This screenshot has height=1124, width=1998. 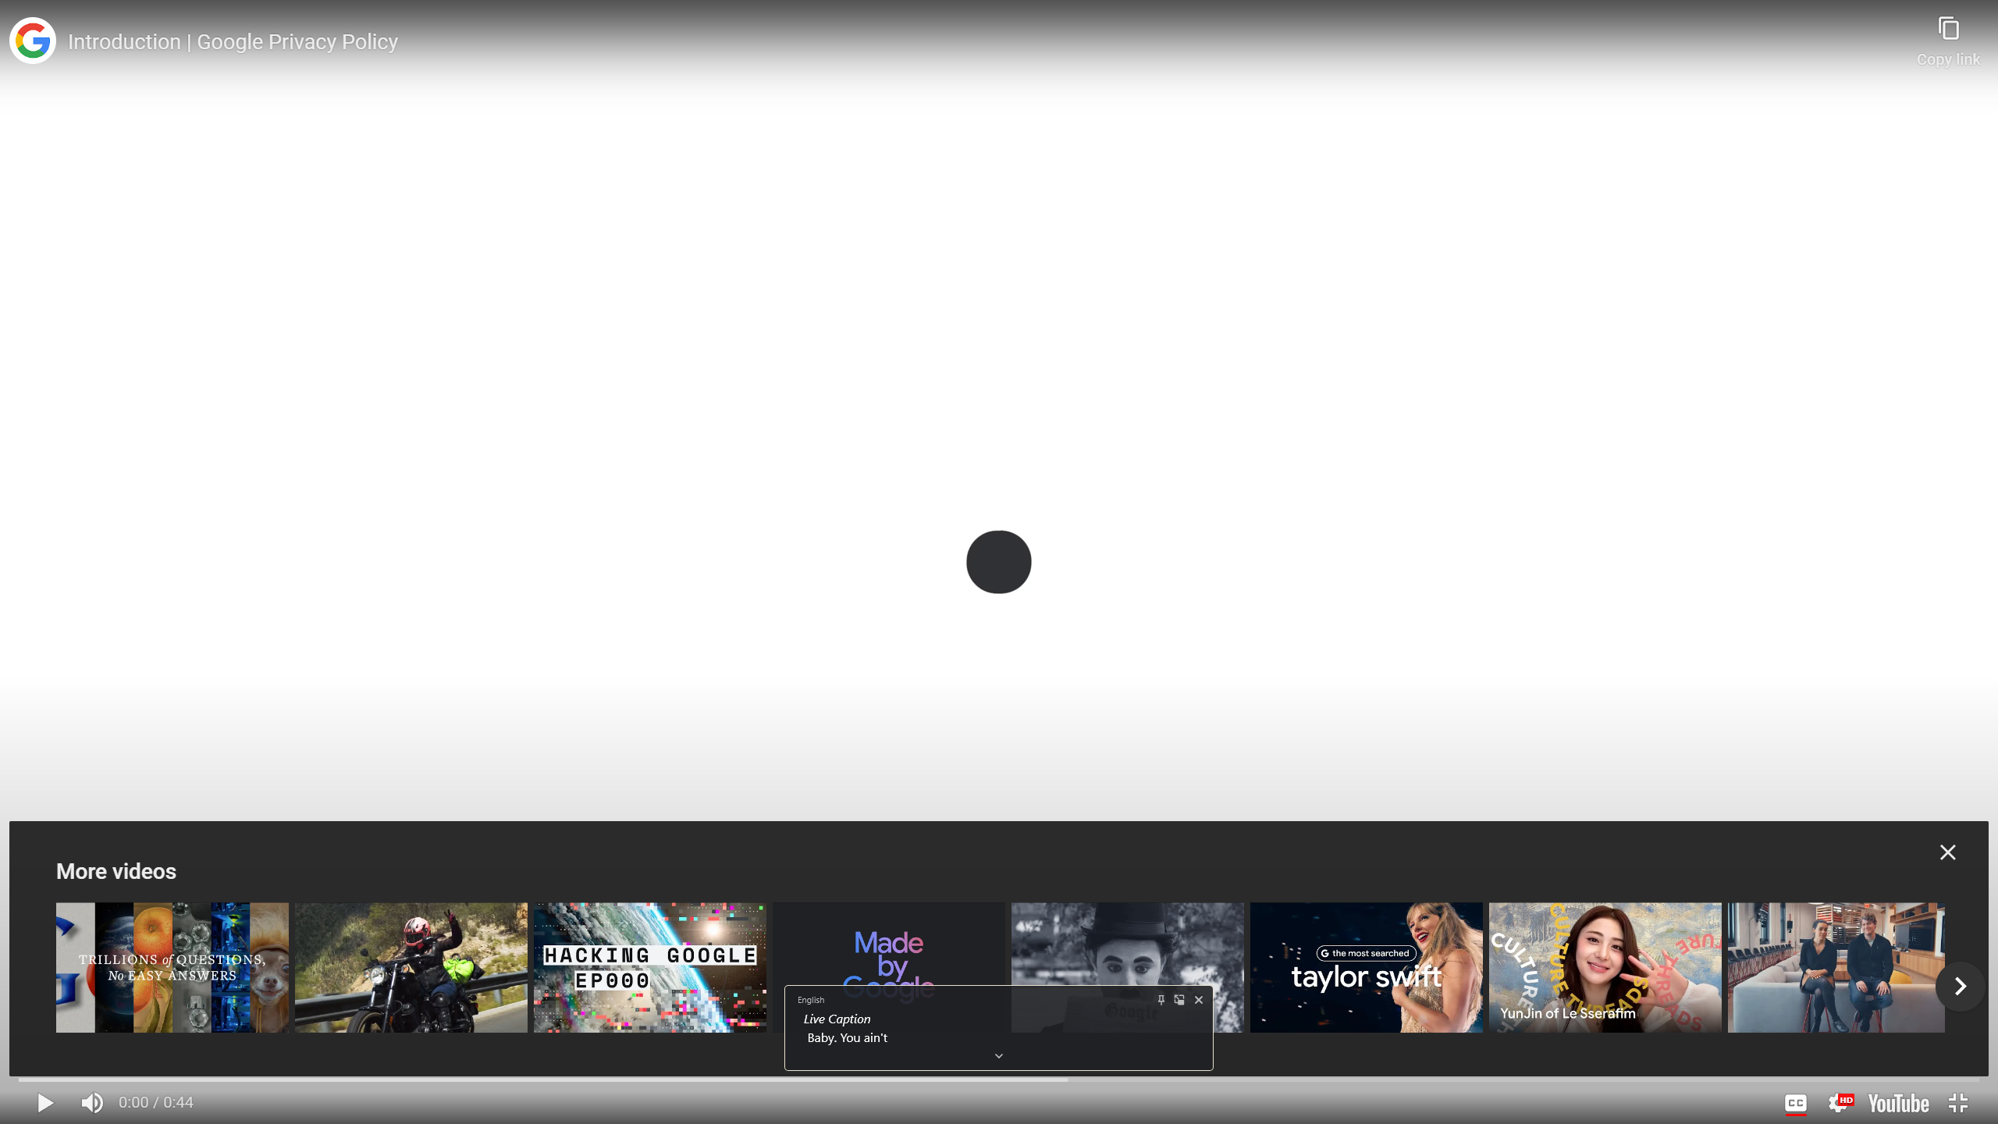 What do you see at coordinates (1947, 852) in the screenshot?
I see `'Hide more videos'` at bounding box center [1947, 852].